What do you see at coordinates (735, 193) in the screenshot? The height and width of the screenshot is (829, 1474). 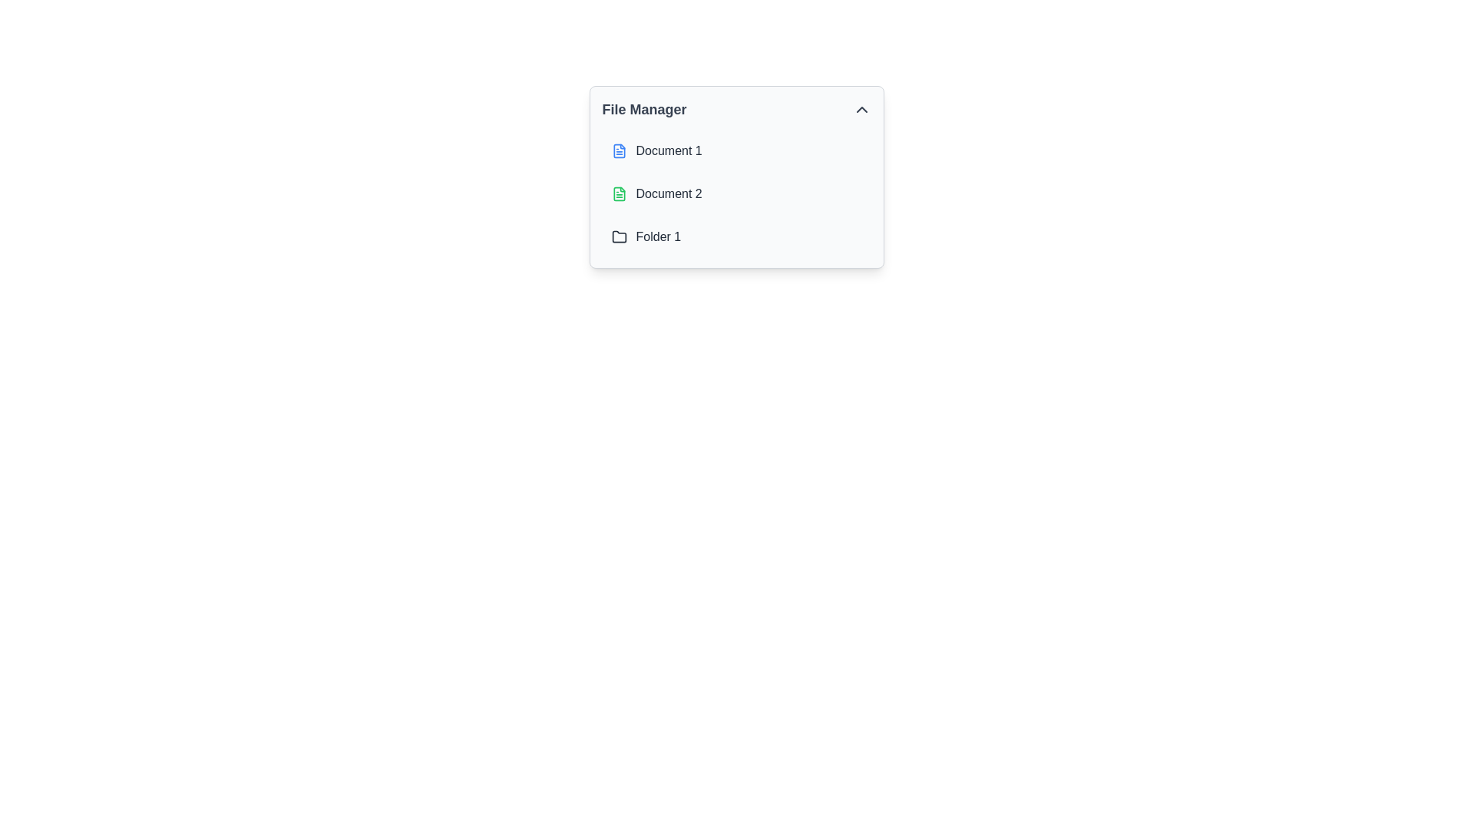 I see `on the selectable list item labeled 'Document 2' in the file manager interface` at bounding box center [735, 193].